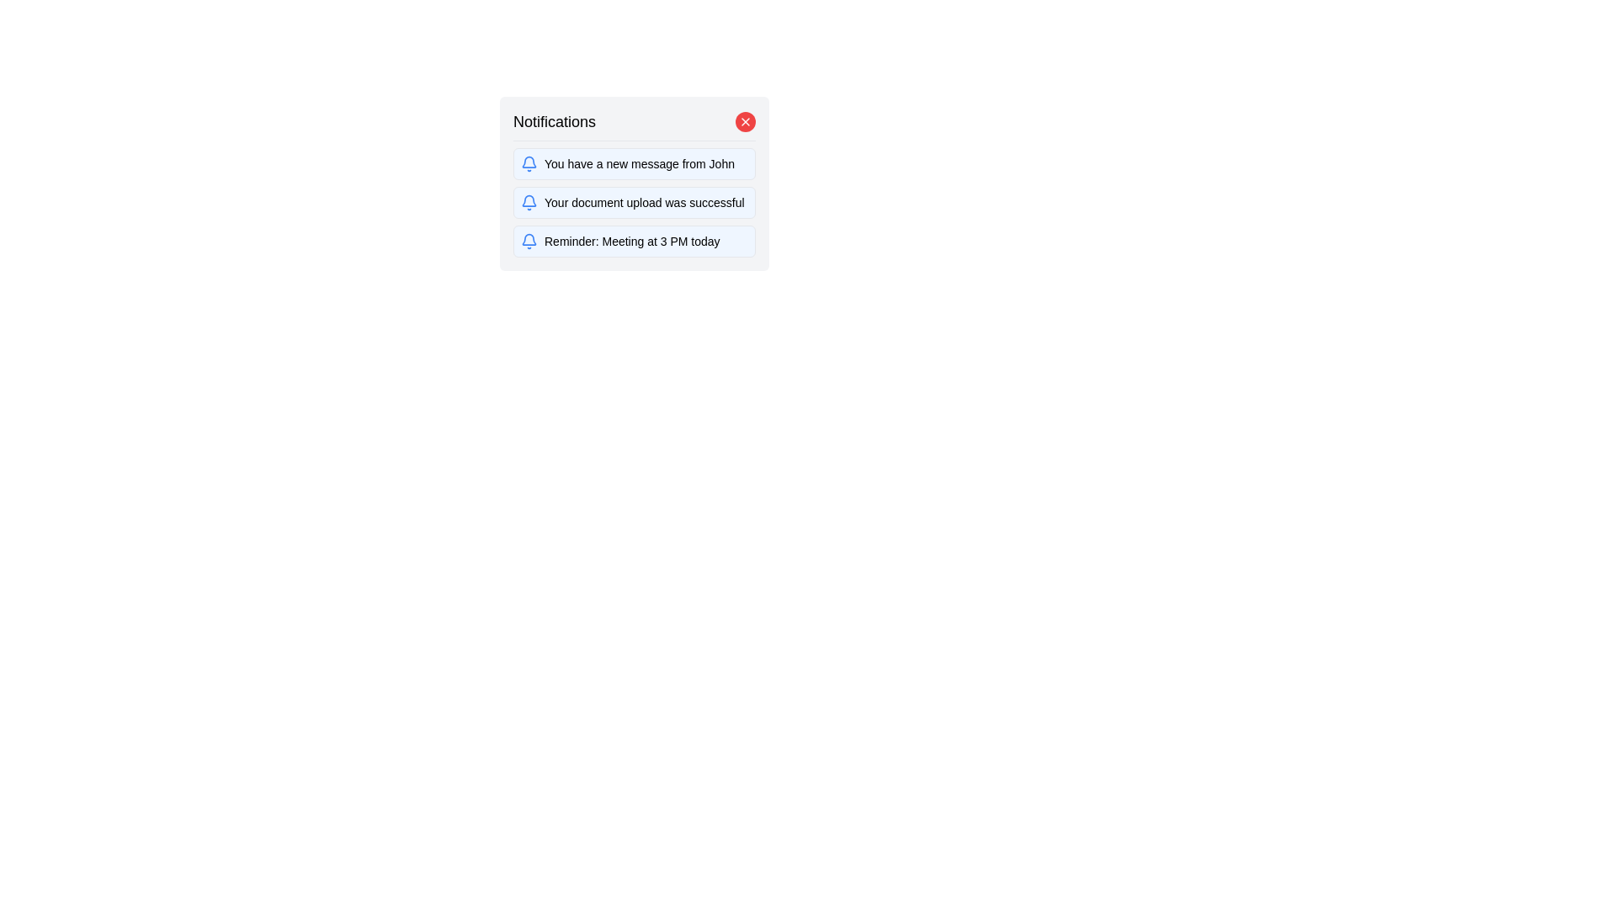 The image size is (1616, 909). Describe the element at coordinates (745, 121) in the screenshot. I see `the close button located in the top-right corner of the 'Notifications' section` at that location.